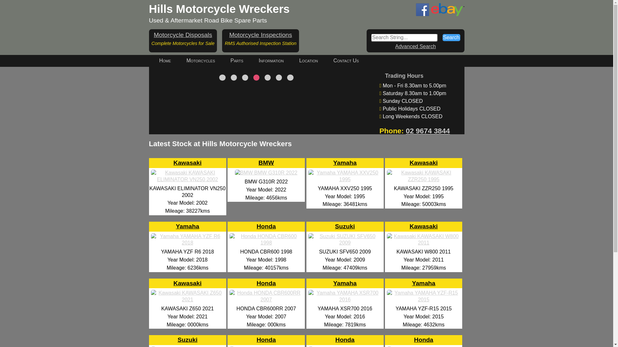  Describe the element at coordinates (266, 299) in the screenshot. I see `'Honda HONDA   CBR600RR   2007'` at that location.